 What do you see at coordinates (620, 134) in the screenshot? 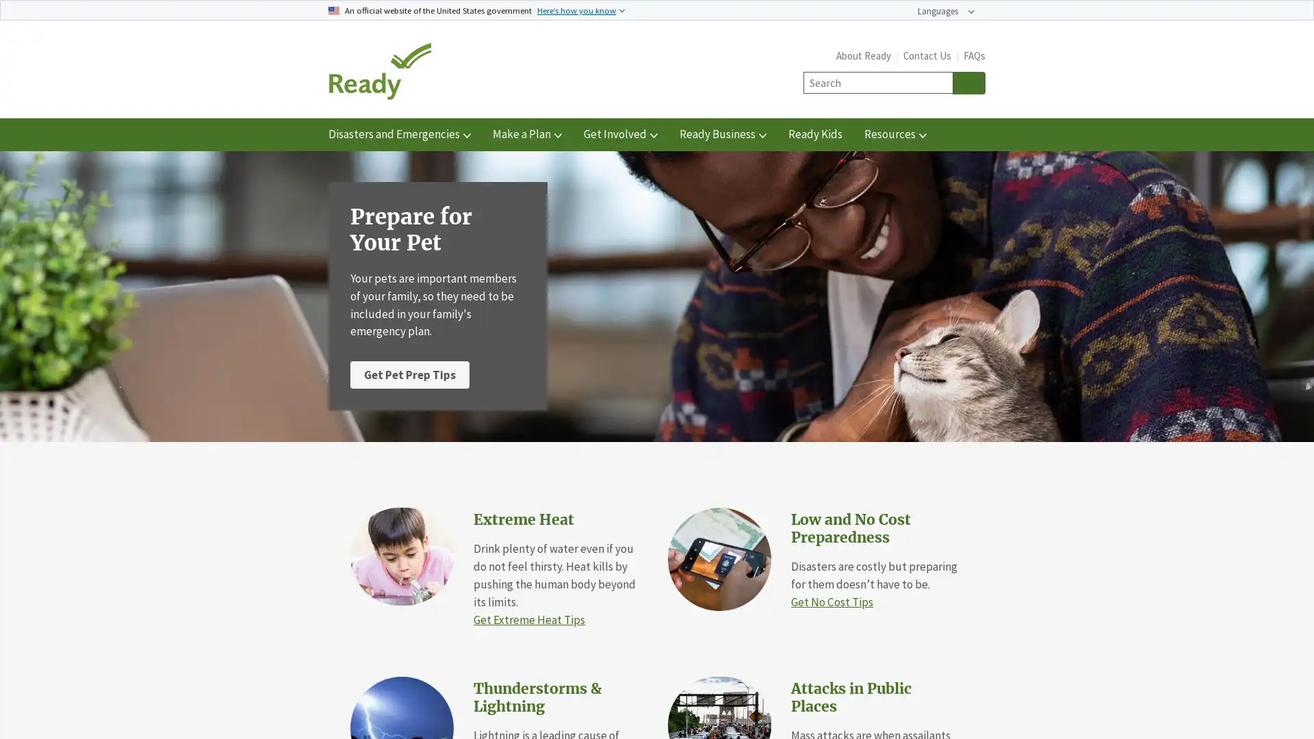
I see `Get Involved` at bounding box center [620, 134].